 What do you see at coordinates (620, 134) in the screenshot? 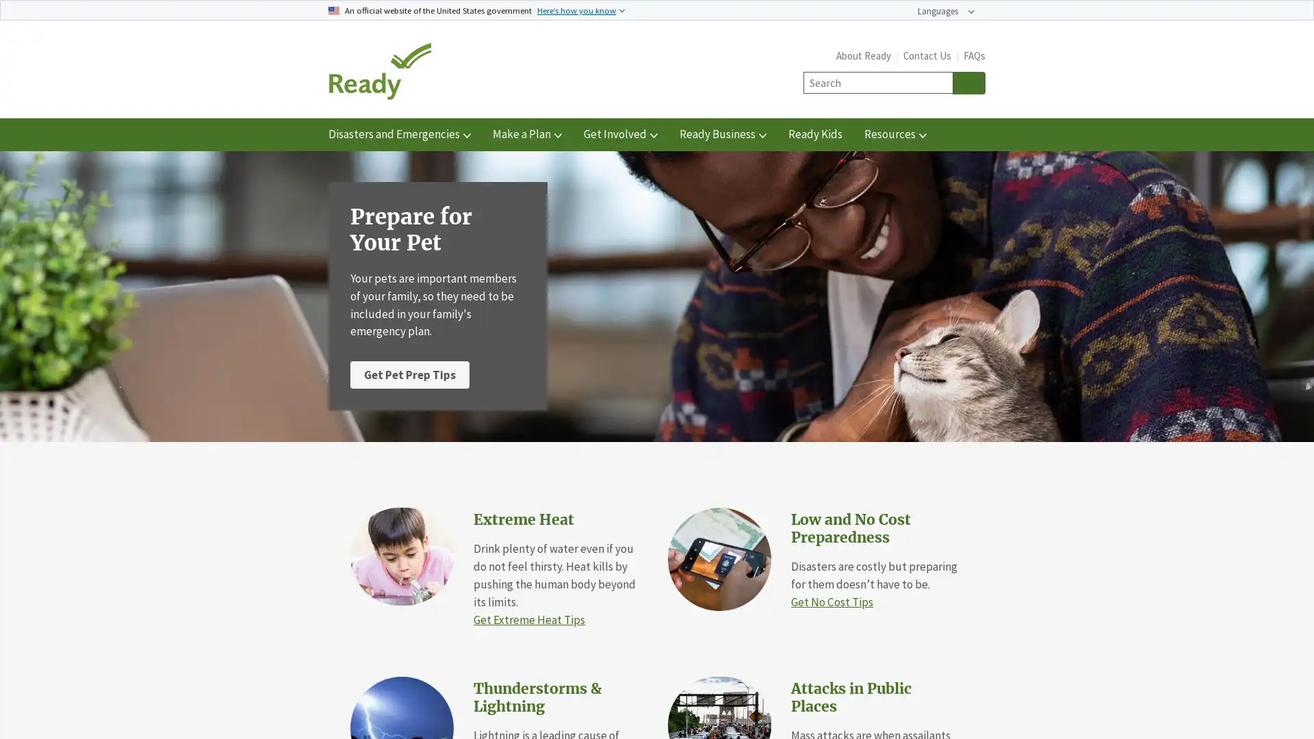
I see `Get Involved` at bounding box center [620, 134].